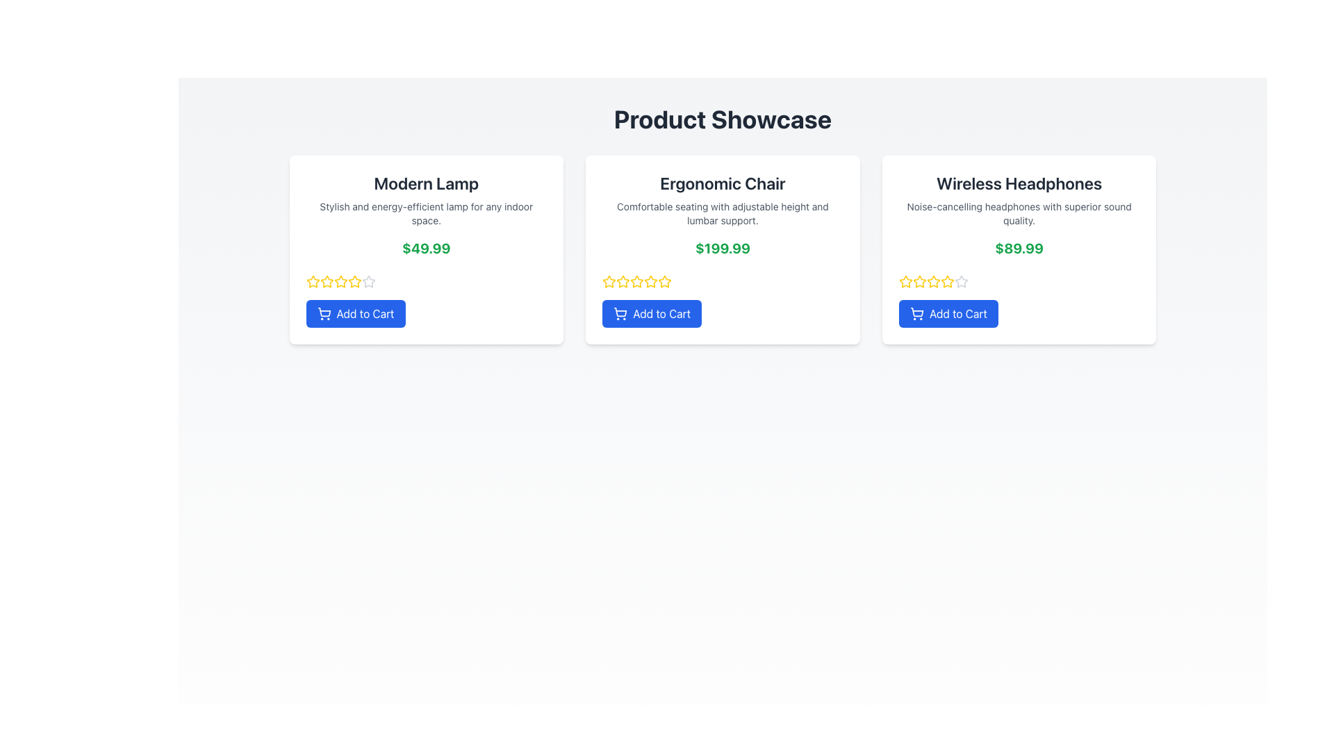  Describe the element at coordinates (723, 182) in the screenshot. I see `the 'Ergonomic Chair' text label, which serves as the product title and is located at the top of the middle product card in a three-column layout` at that location.